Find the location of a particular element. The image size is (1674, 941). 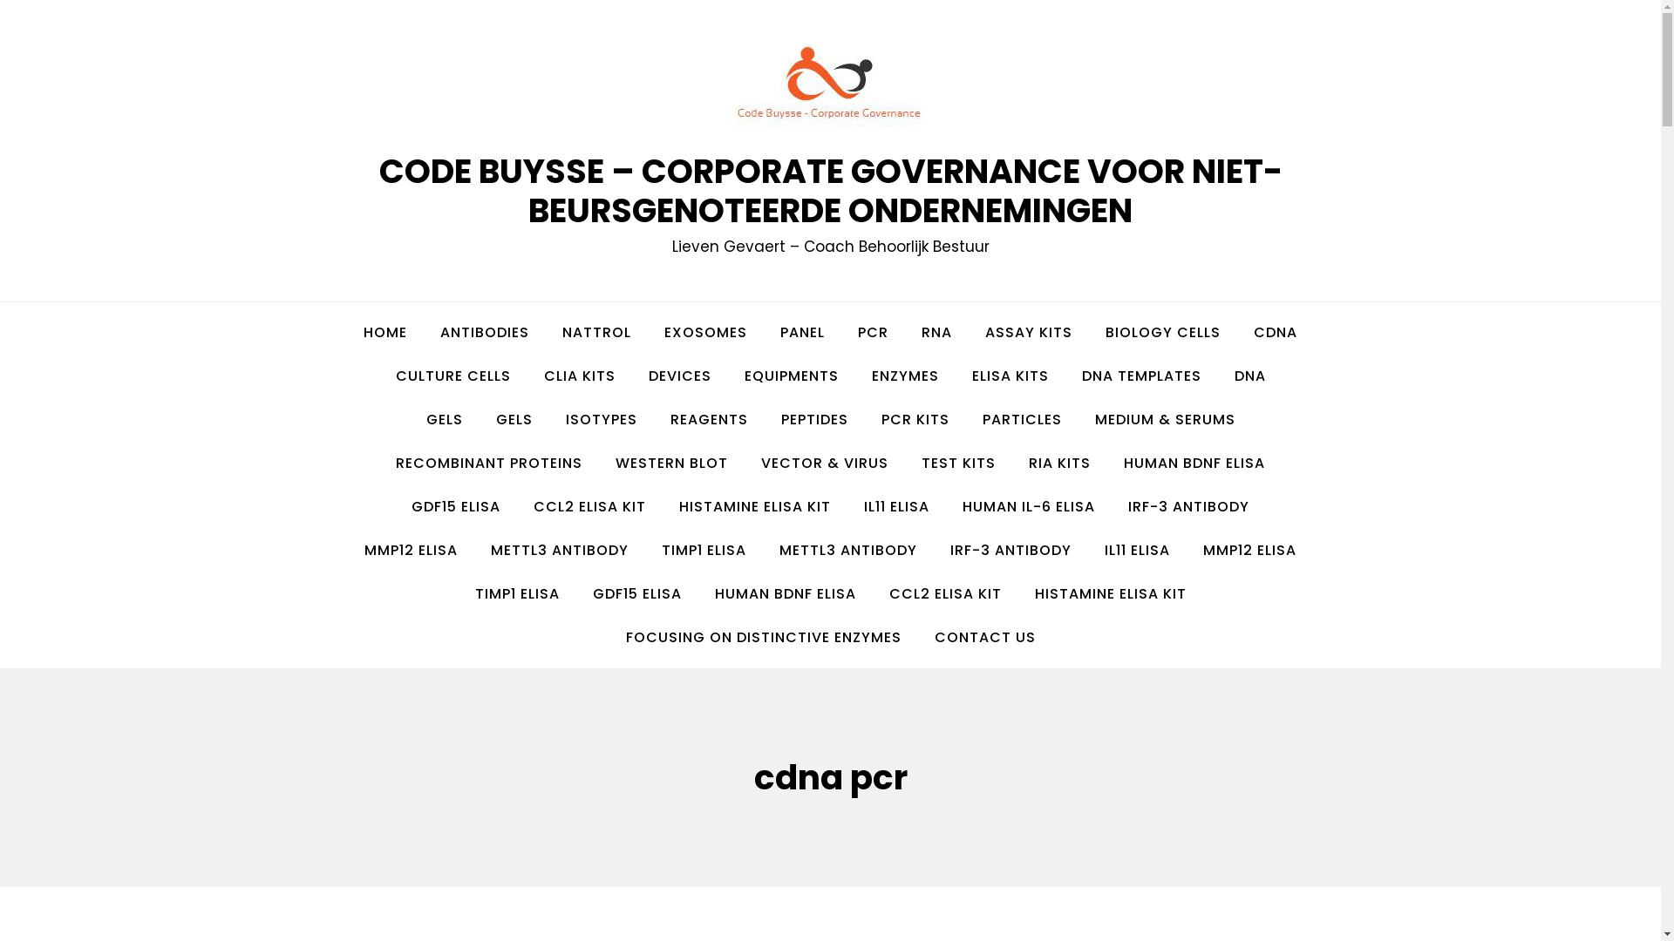

'WESTERN BLOT' is located at coordinates (670, 463).